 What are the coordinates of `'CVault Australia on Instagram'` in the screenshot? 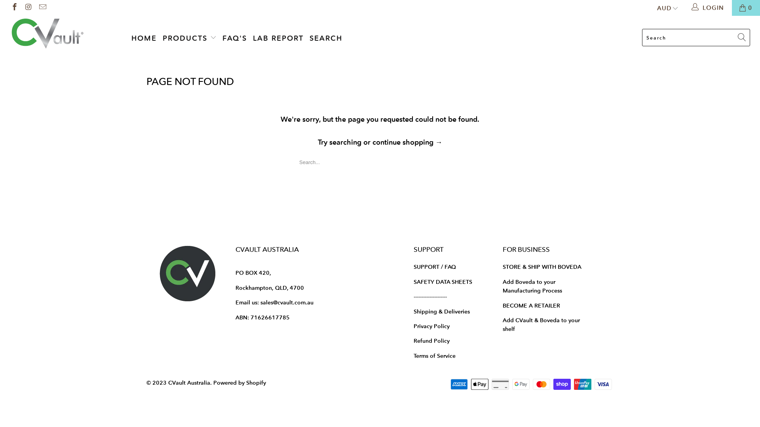 It's located at (28, 8).